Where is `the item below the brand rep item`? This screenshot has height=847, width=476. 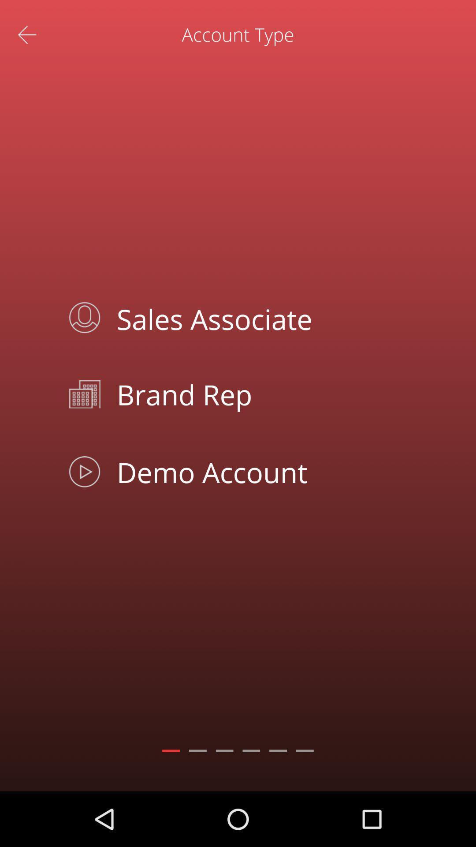
the item below the brand rep item is located at coordinates (258, 472).